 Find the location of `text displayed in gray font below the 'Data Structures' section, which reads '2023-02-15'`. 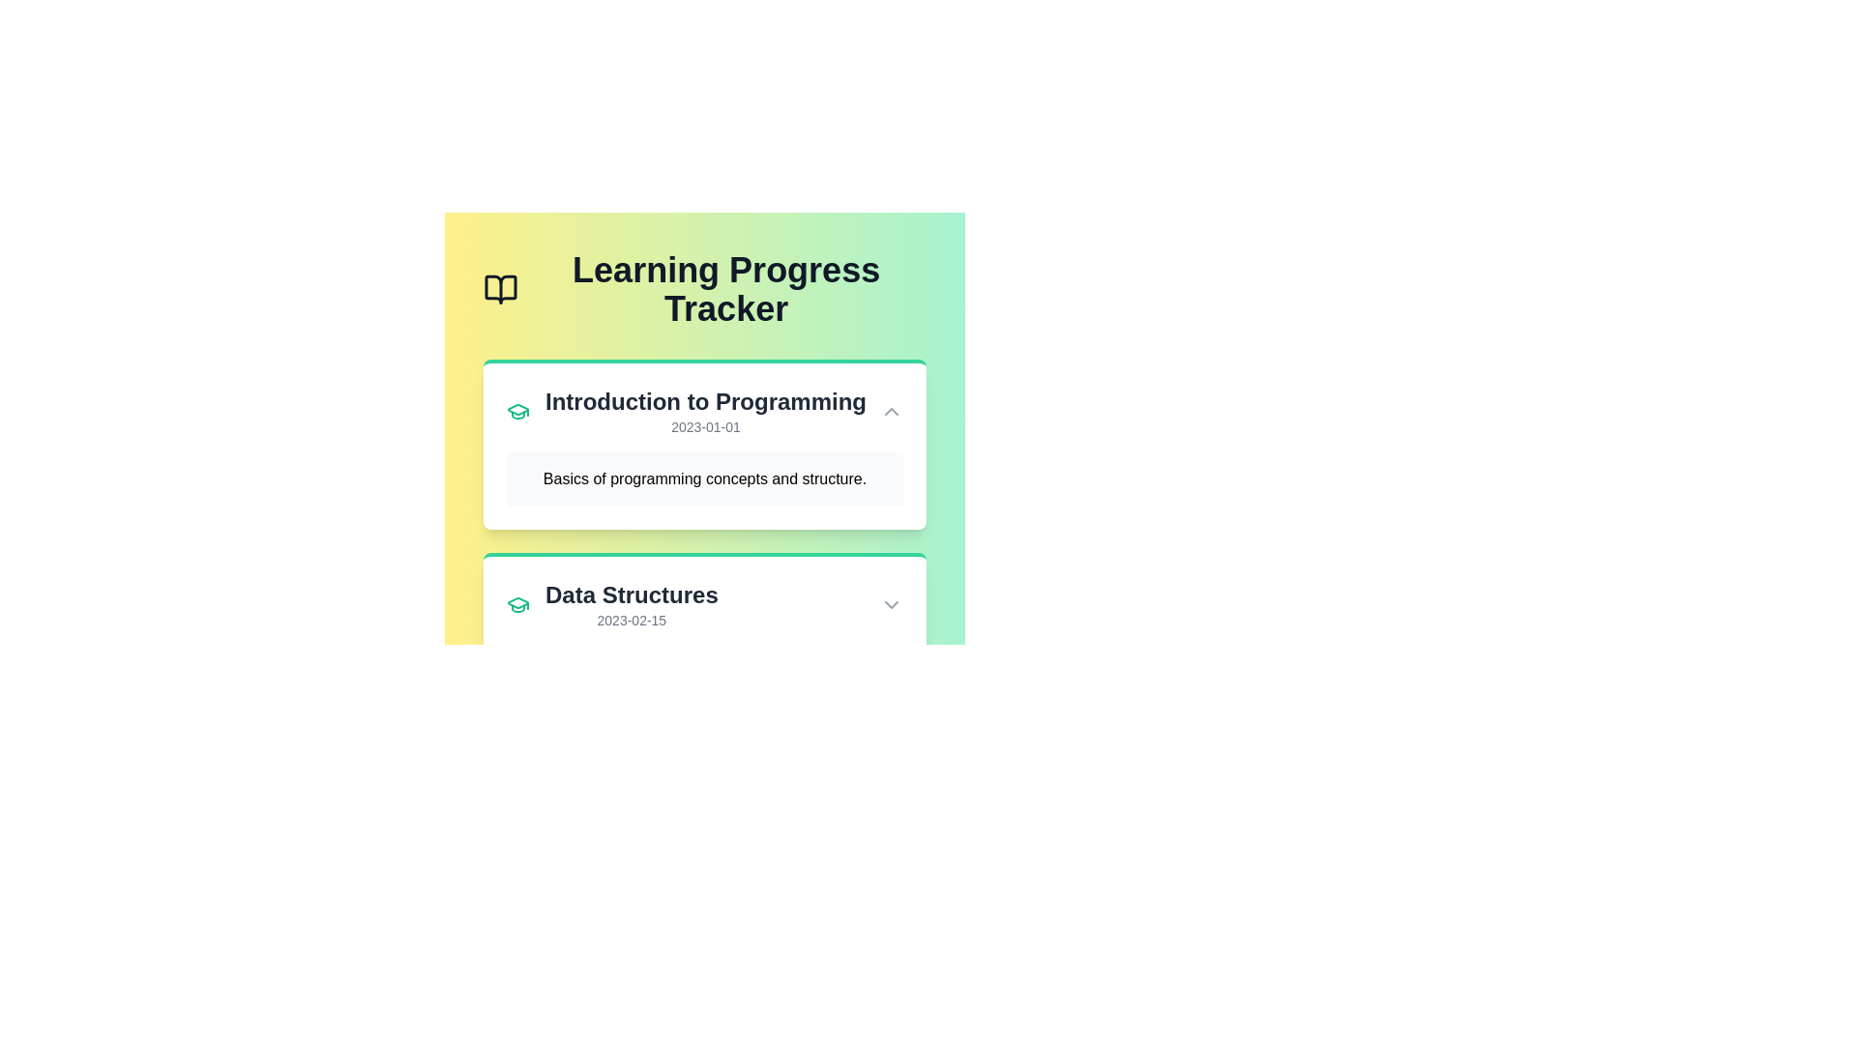

text displayed in gray font below the 'Data Structures' section, which reads '2023-02-15' is located at coordinates (632, 620).